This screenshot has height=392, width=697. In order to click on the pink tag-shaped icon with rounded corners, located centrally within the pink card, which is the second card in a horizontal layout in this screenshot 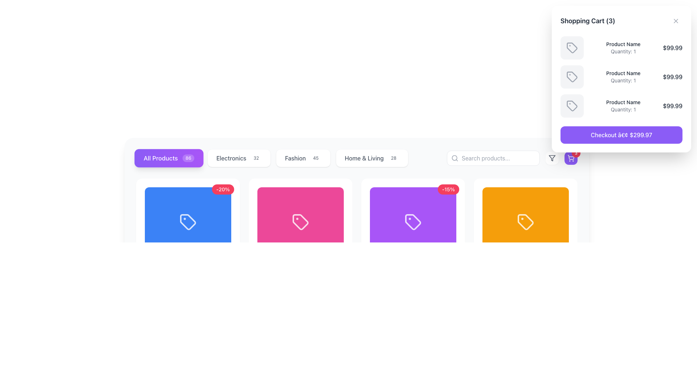, I will do `click(301, 222)`.